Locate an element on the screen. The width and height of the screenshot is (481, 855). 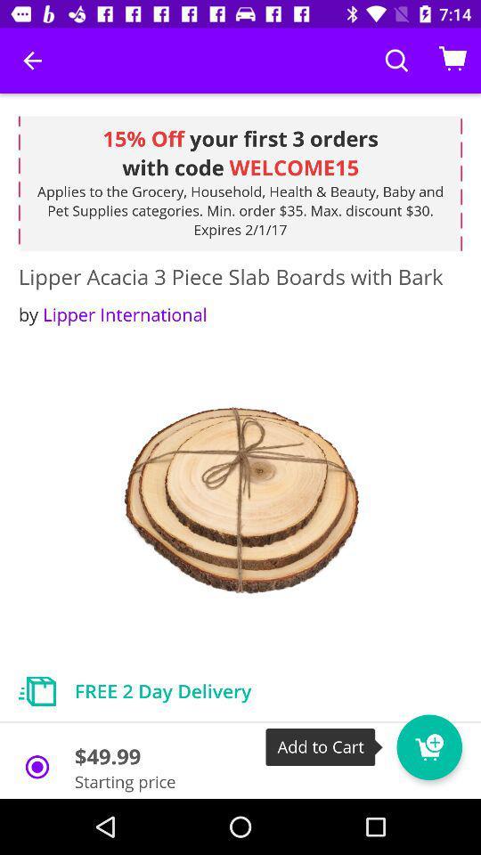
item to the shopping cart is located at coordinates (428, 747).